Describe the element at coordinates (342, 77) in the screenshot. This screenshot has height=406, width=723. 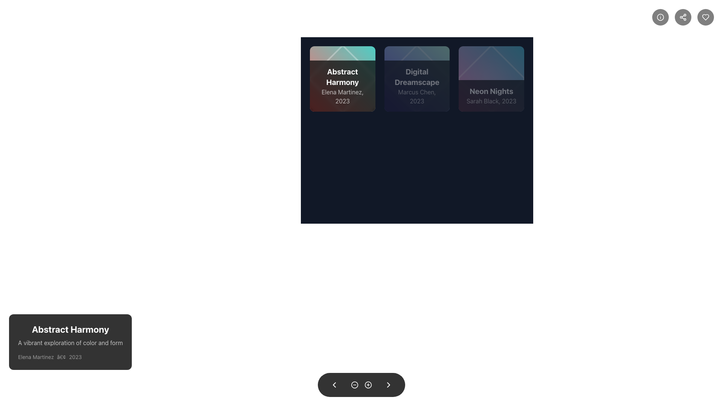
I see `the title text label that serves as a prominent identifier for a digital media item, positioned at the upper part of the card layout` at that location.